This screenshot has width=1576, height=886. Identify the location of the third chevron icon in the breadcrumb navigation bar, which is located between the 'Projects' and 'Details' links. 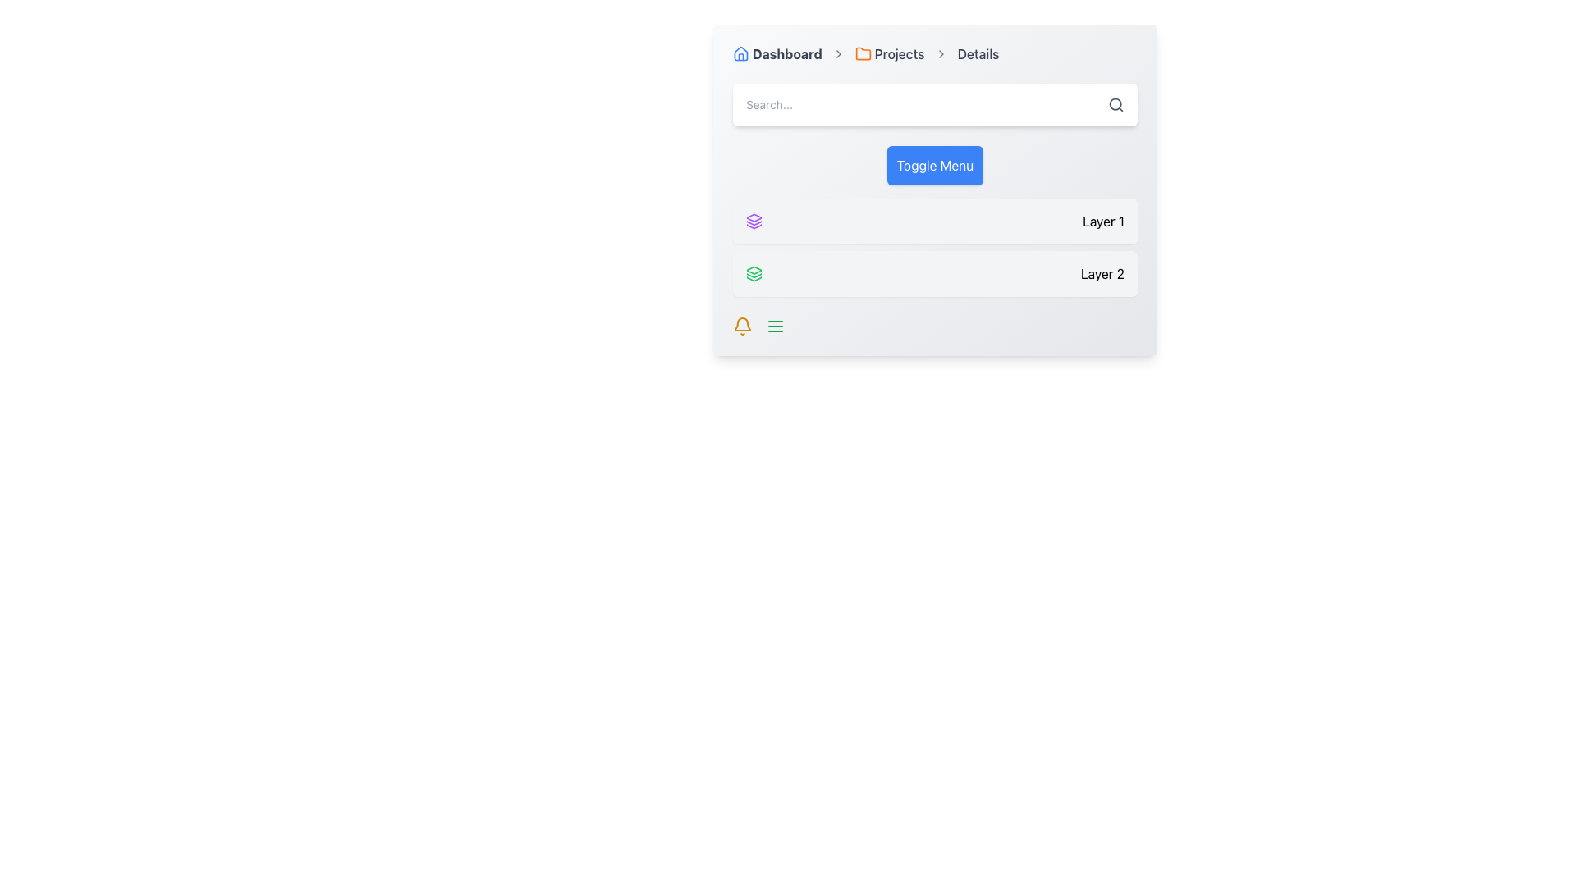
(941, 53).